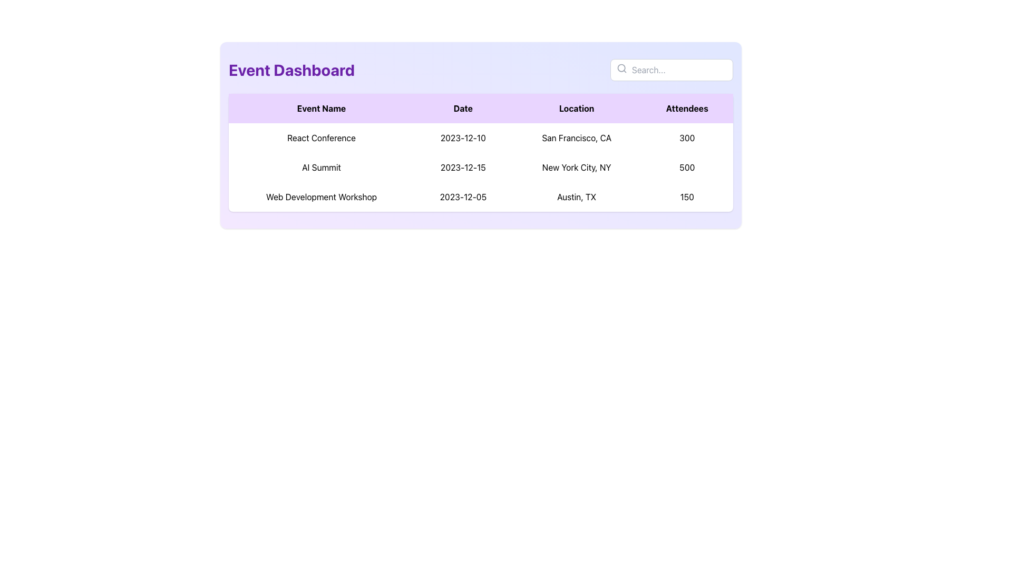 The image size is (1012, 569). Describe the element at coordinates (621, 68) in the screenshot. I see `the decorative graphic element, which is the circle representing the handle of the magnifying glass icon located at the left edge of the search bar in the top right corner of the event dashboard layout` at that location.